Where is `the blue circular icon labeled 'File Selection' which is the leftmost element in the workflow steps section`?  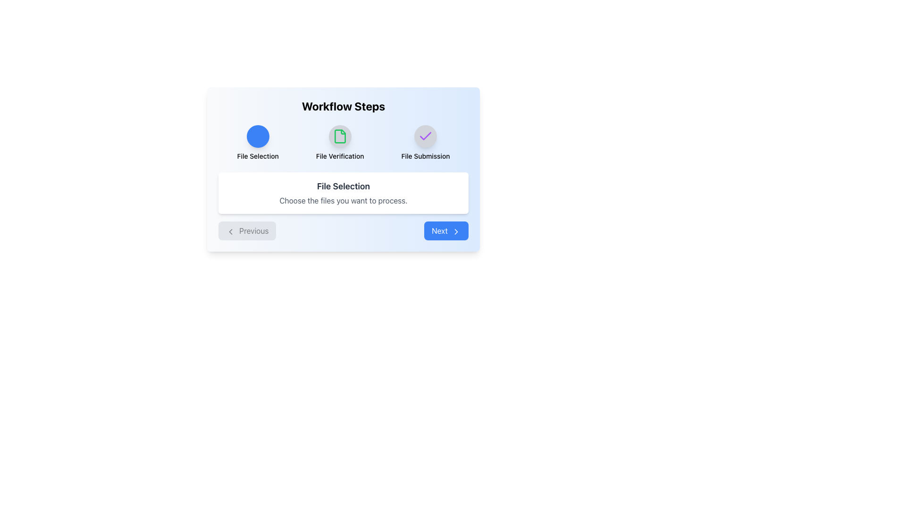 the blue circular icon labeled 'File Selection' which is the leftmost element in the workflow steps section is located at coordinates (258, 143).